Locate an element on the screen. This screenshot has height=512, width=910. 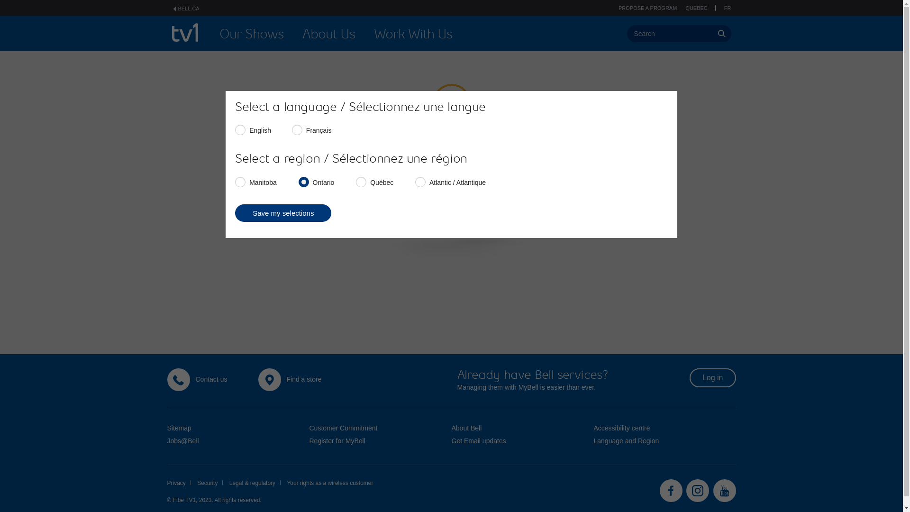
'Find a store' is located at coordinates (304, 379).